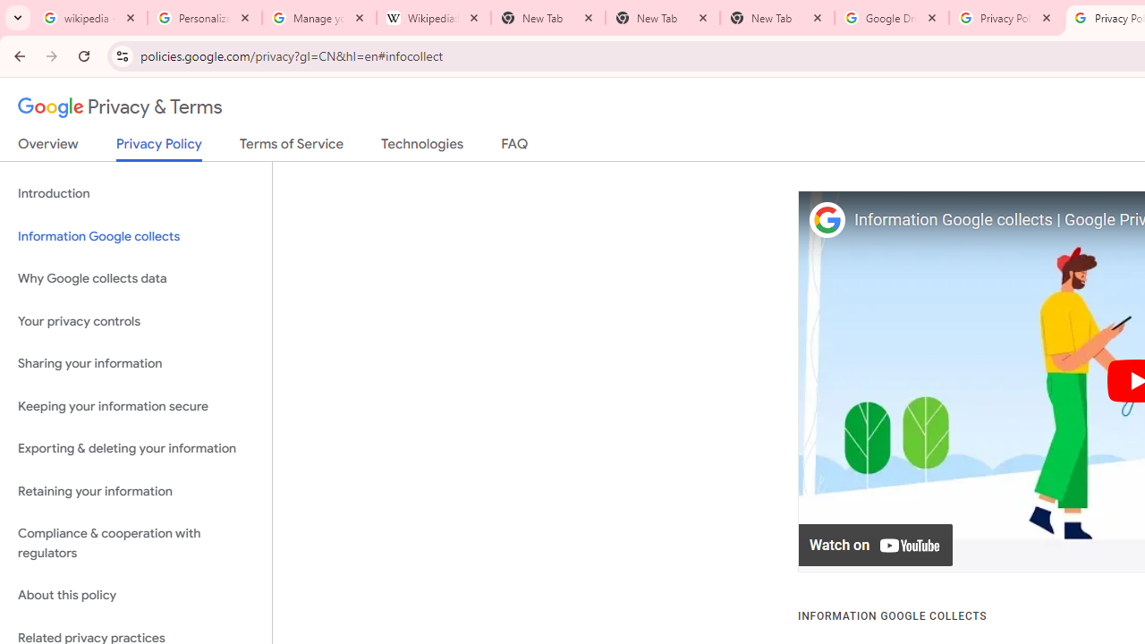  Describe the element at coordinates (135, 320) in the screenshot. I see `'Your privacy controls'` at that location.